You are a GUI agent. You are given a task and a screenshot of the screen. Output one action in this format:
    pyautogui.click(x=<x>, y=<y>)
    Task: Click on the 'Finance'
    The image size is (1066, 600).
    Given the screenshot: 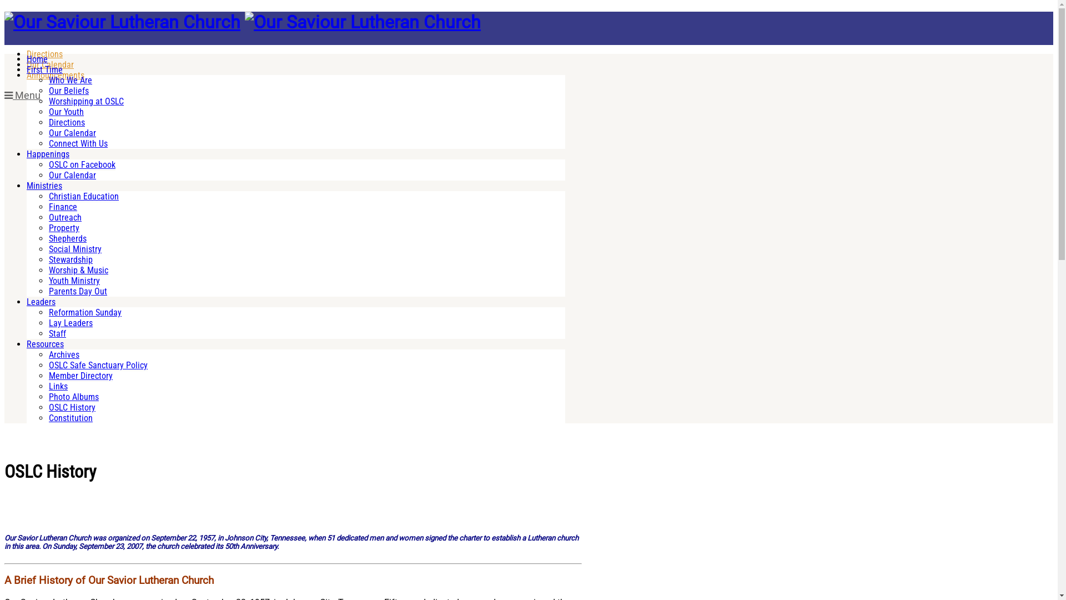 What is the action you would take?
    pyautogui.click(x=62, y=207)
    